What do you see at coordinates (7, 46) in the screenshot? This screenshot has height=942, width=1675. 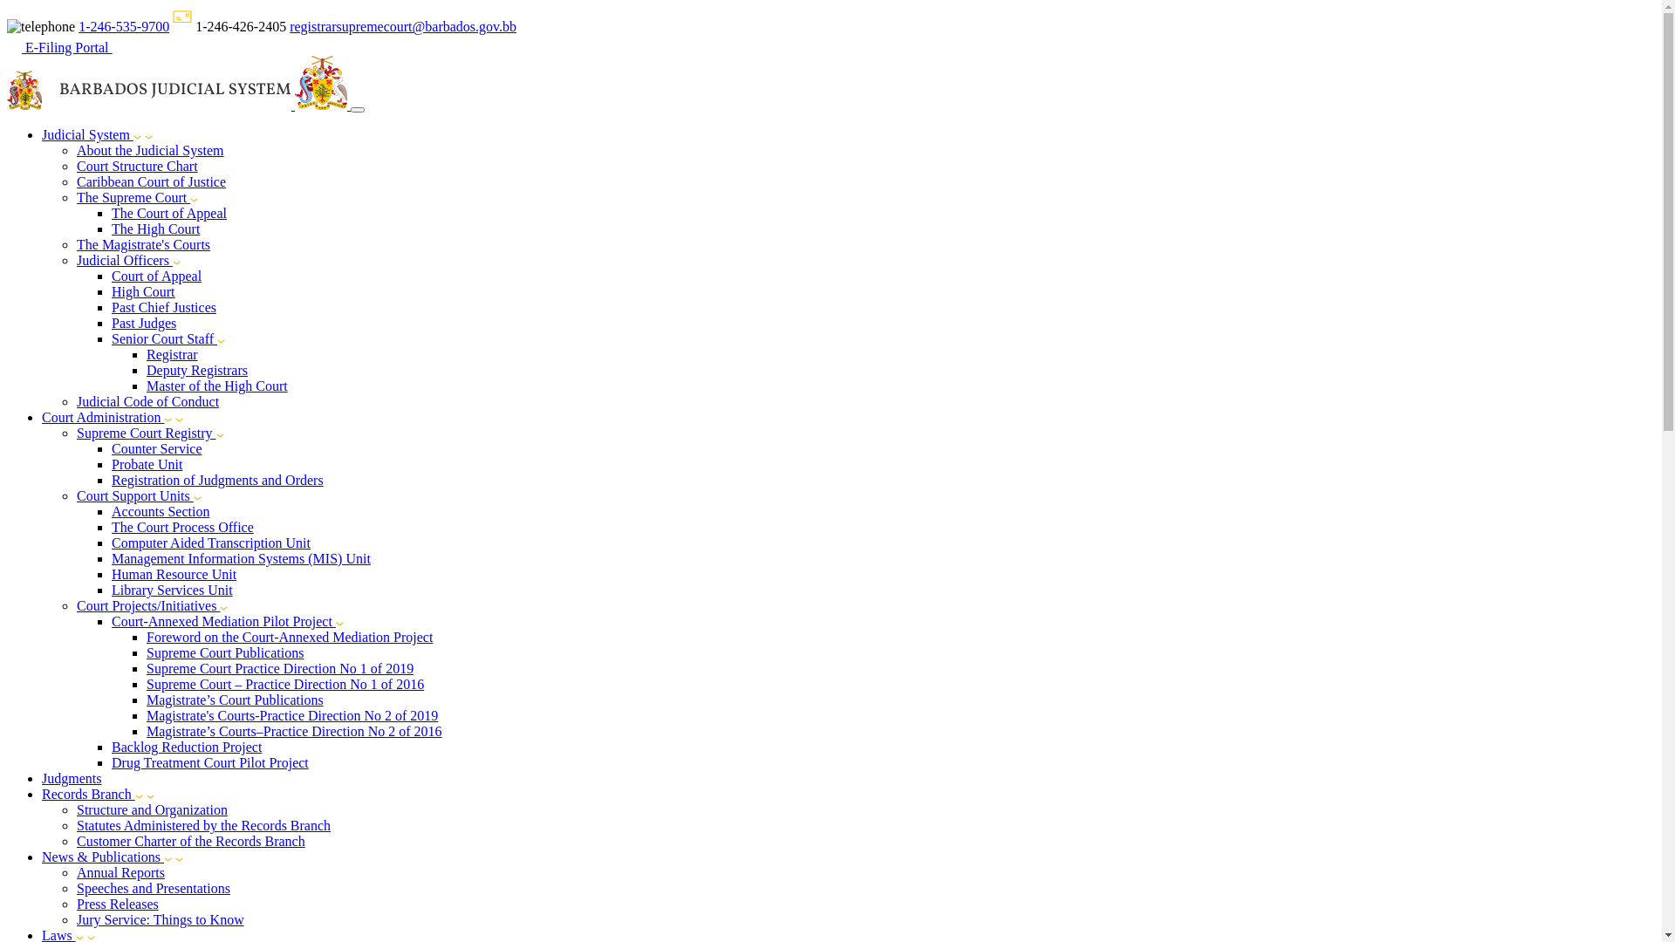 I see `'E-Filing Portal'` at bounding box center [7, 46].